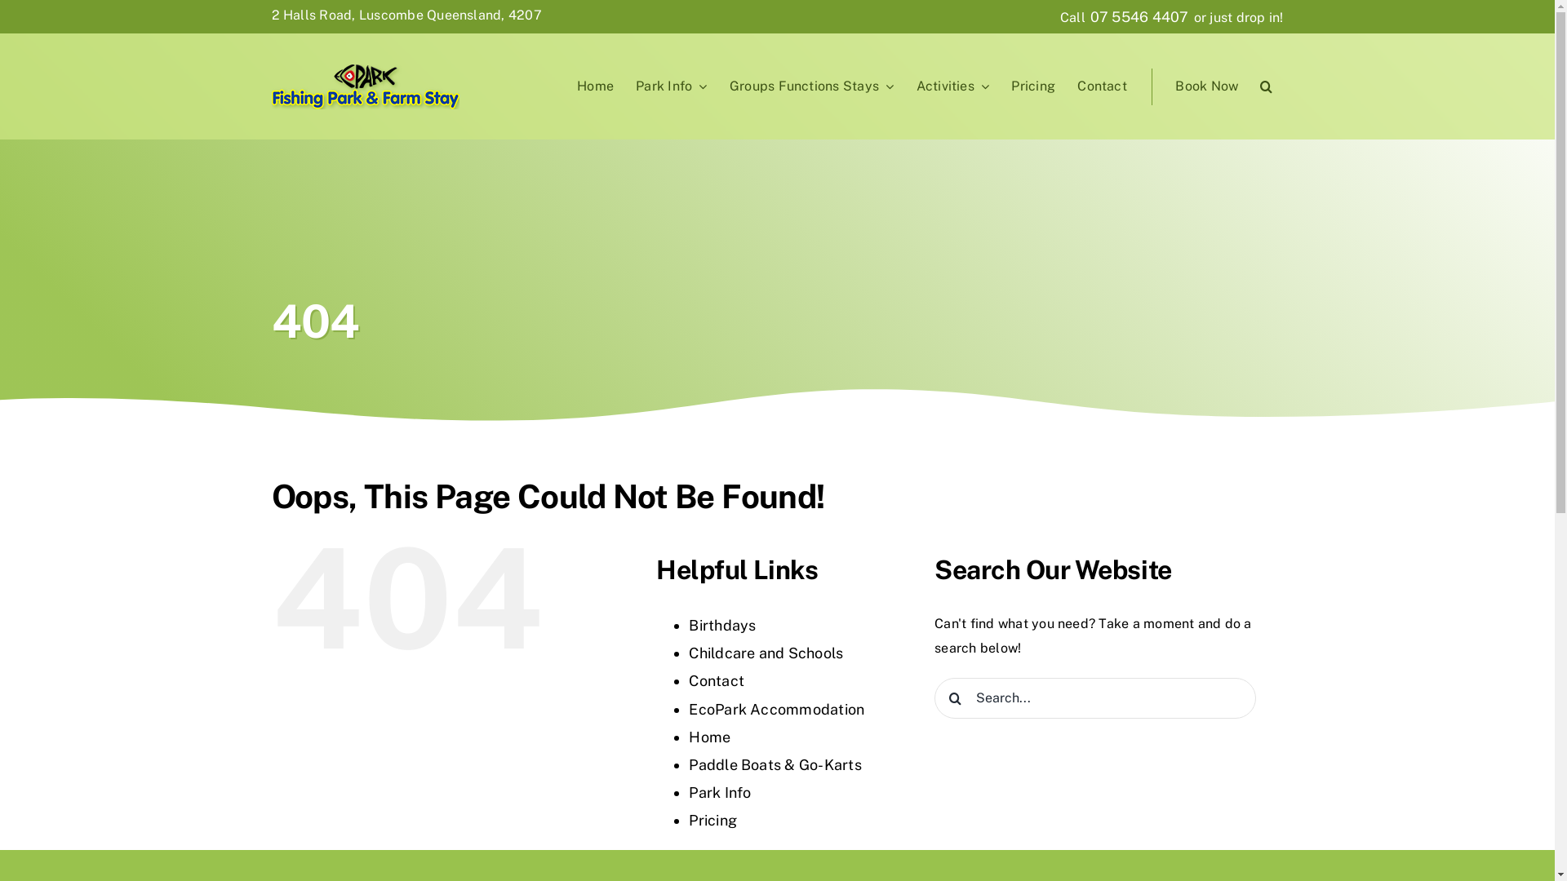  I want to click on 'Paddle Boats & Go-Karts', so click(775, 764).